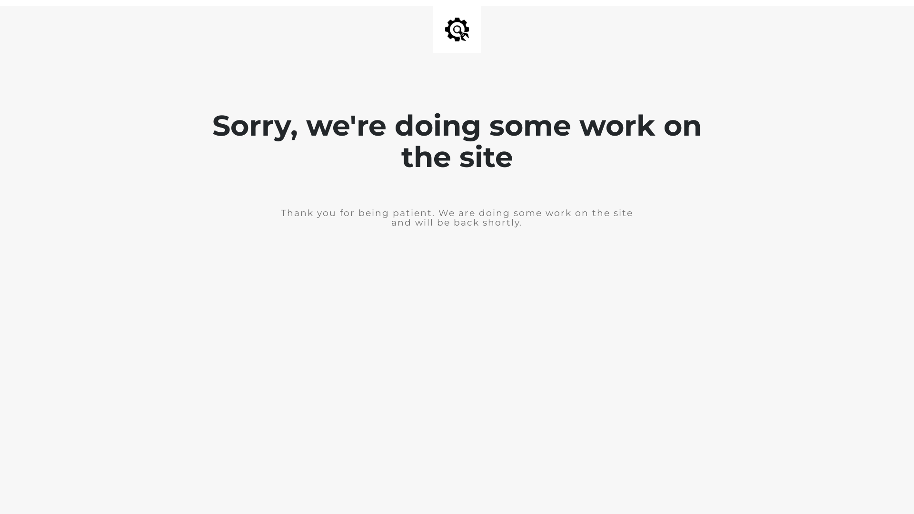 The height and width of the screenshot is (514, 914). What do you see at coordinates (445, 29) in the screenshot?
I see `'Site is Under Construction'` at bounding box center [445, 29].